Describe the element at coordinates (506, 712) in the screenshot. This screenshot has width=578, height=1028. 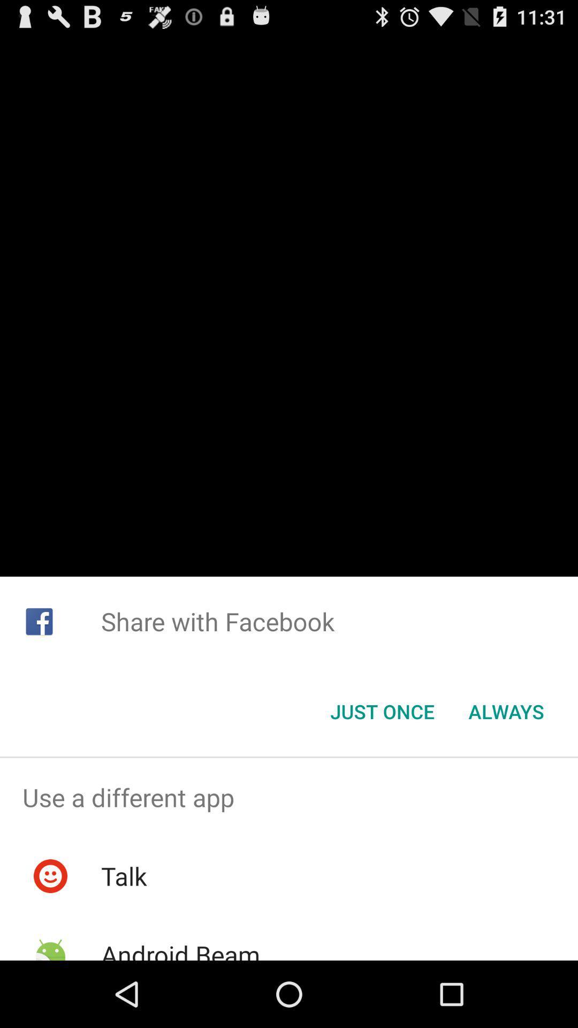
I see `item to the right of just once icon` at that location.